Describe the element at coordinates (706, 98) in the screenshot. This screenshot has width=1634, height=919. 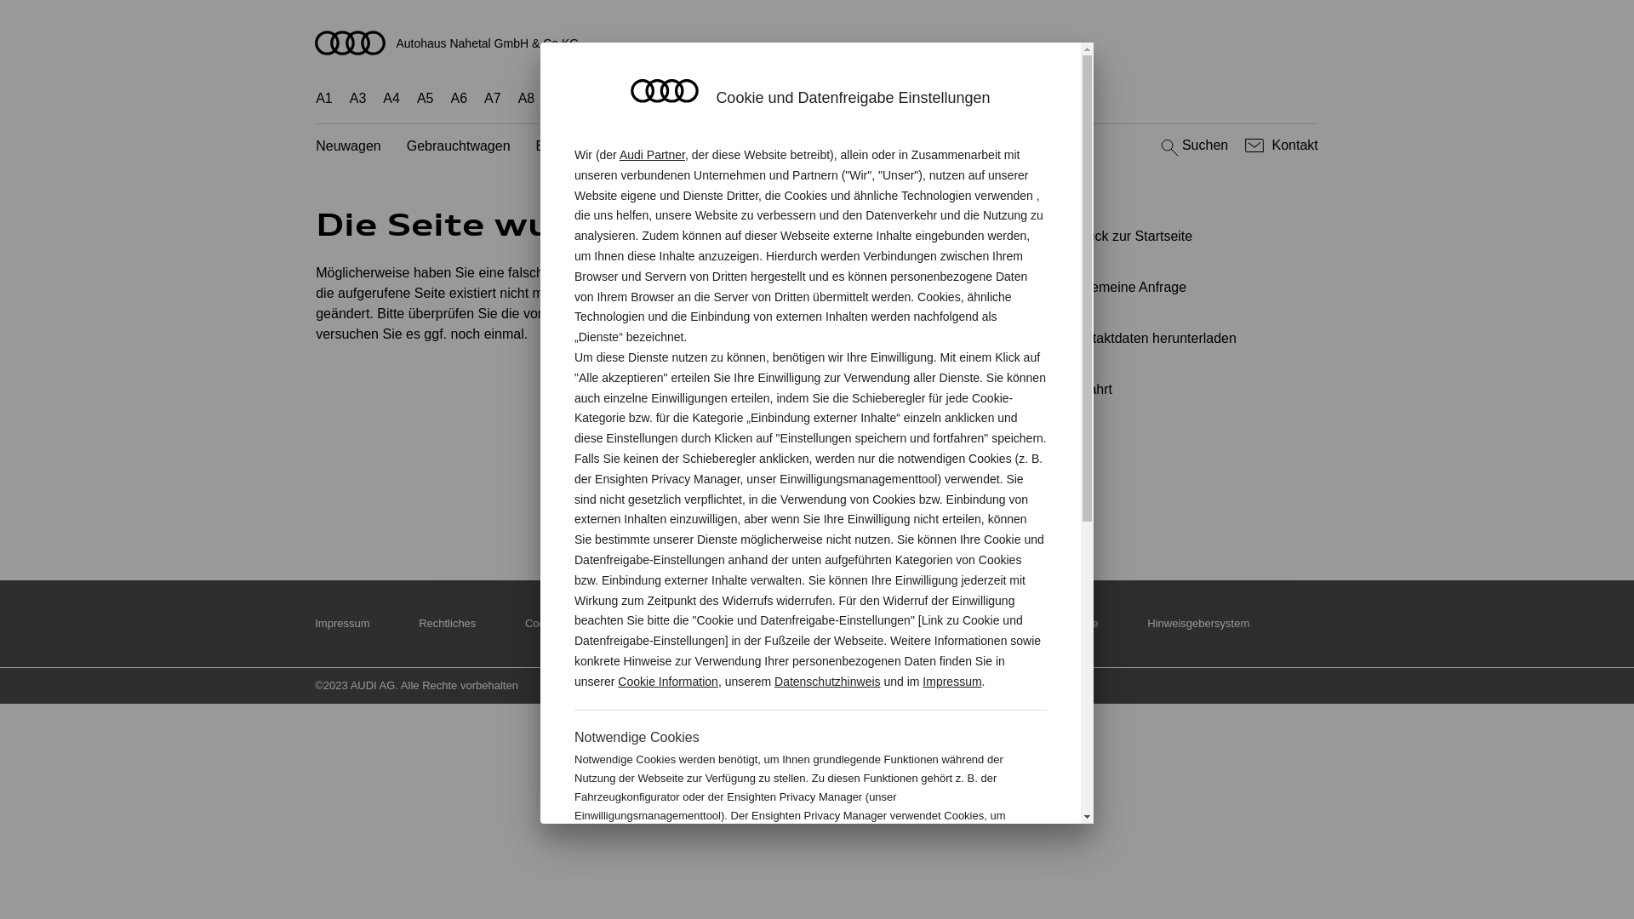
I see `'Q5'` at that location.